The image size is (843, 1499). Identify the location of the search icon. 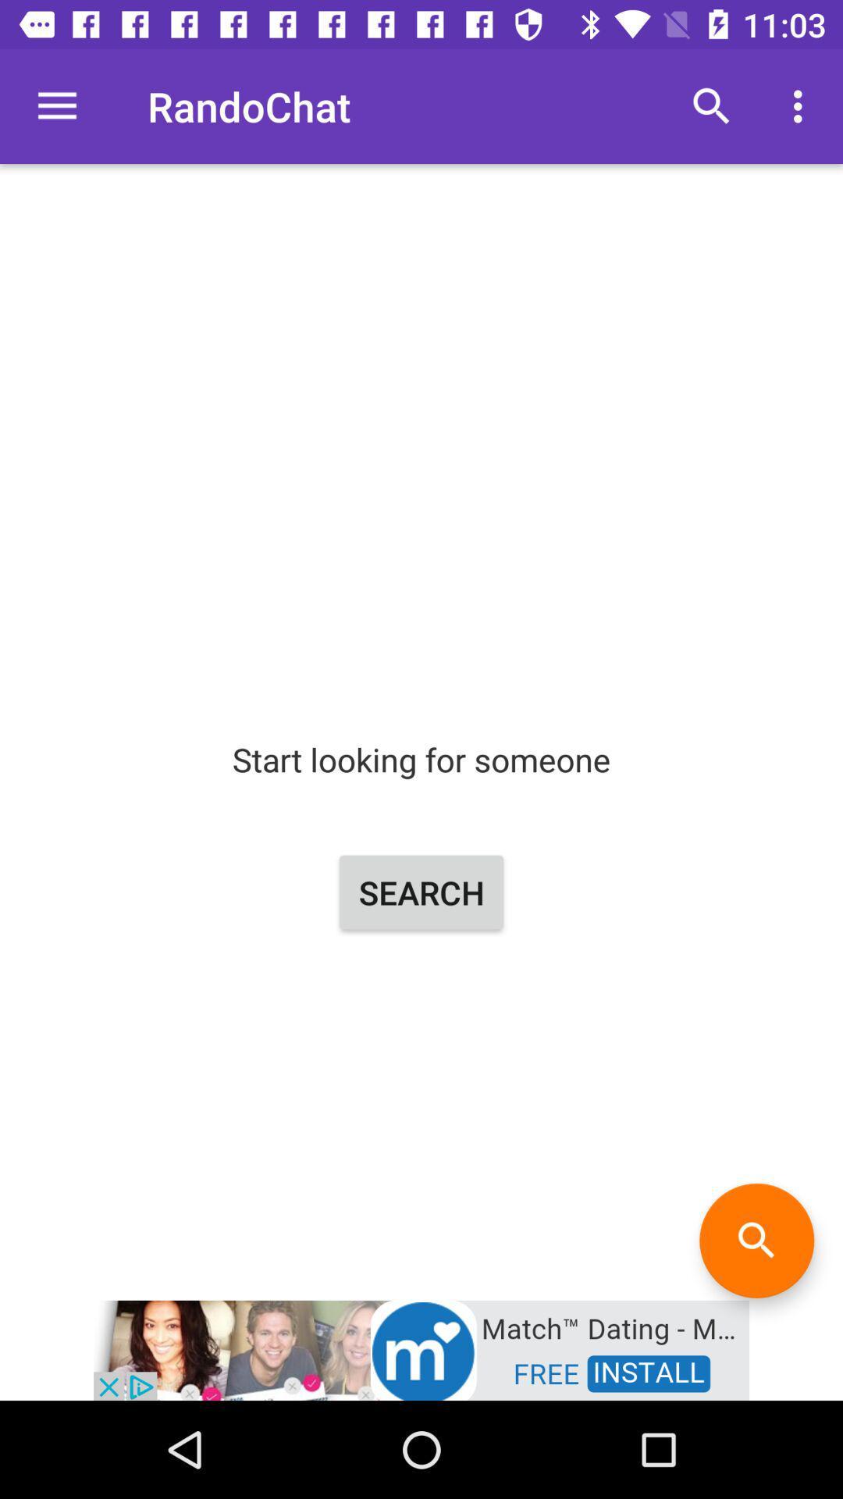
(756, 1240).